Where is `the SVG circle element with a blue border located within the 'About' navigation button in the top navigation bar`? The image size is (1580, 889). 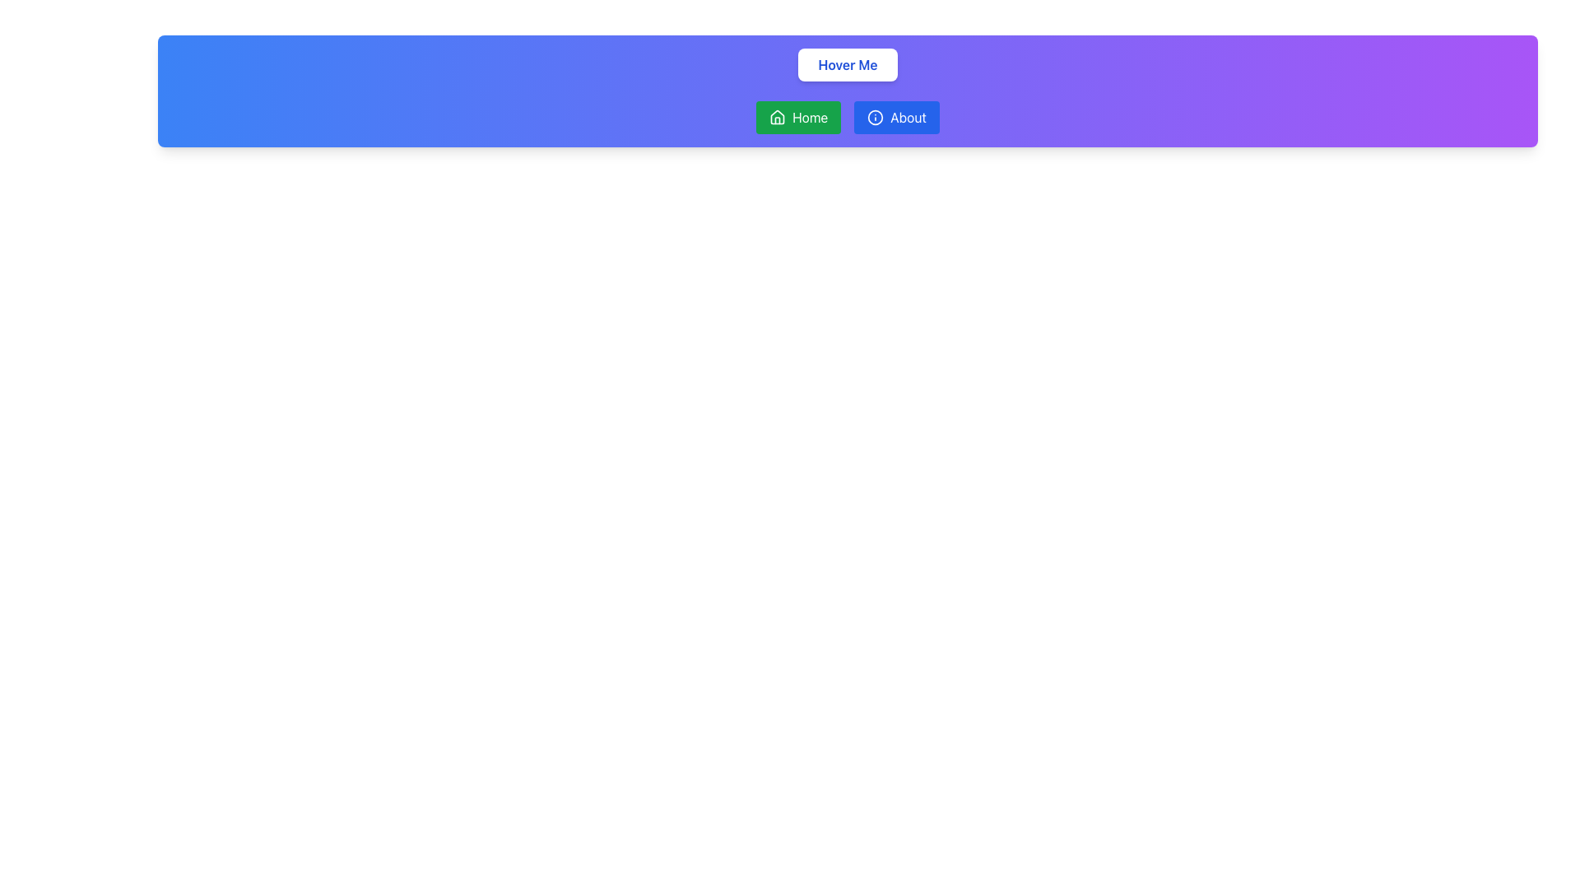
the SVG circle element with a blue border located within the 'About' navigation button in the top navigation bar is located at coordinates (875, 116).